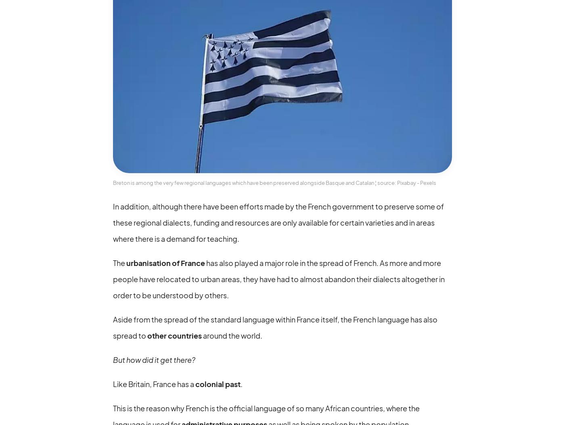  What do you see at coordinates (274, 182) in the screenshot?
I see `'Breton is among the very few regional languages which have been preserved alongside Basque and Catalan ¦ source: Pixabay - Pexels'` at bounding box center [274, 182].